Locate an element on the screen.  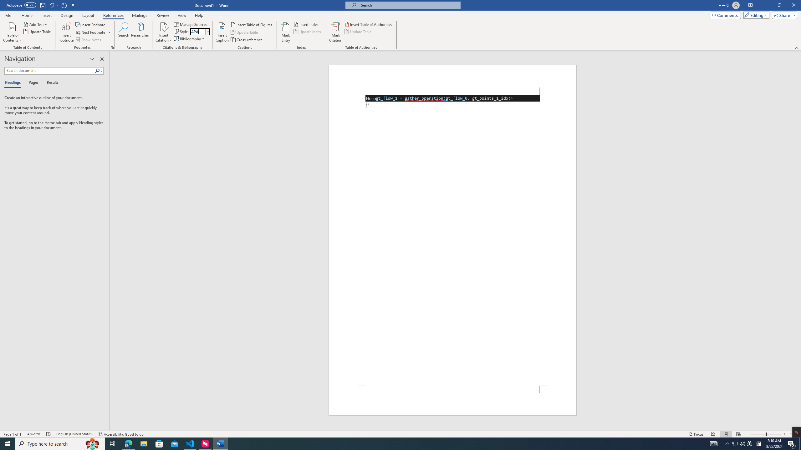
'Footnote and Endnote Dialog...' is located at coordinates (112, 47).